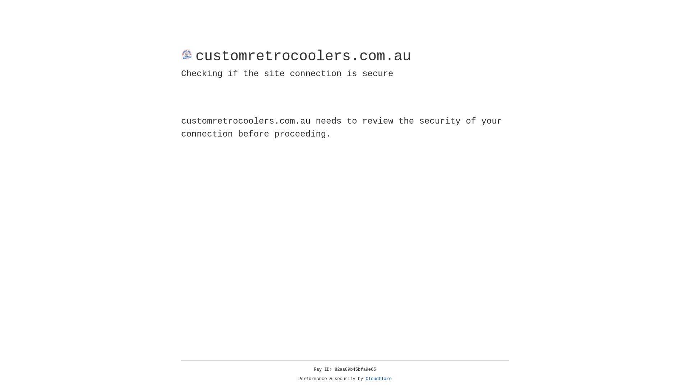  I want to click on 'Cloudflare', so click(365, 379).